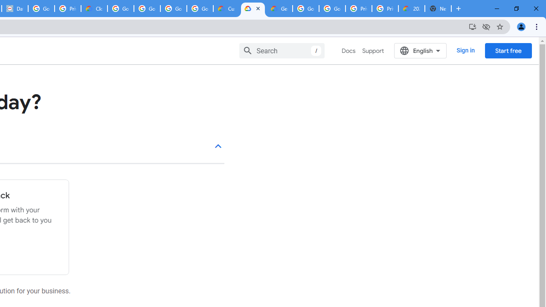  Describe the element at coordinates (173, 9) in the screenshot. I see `'Google Workspace - Specific Terms'` at that location.